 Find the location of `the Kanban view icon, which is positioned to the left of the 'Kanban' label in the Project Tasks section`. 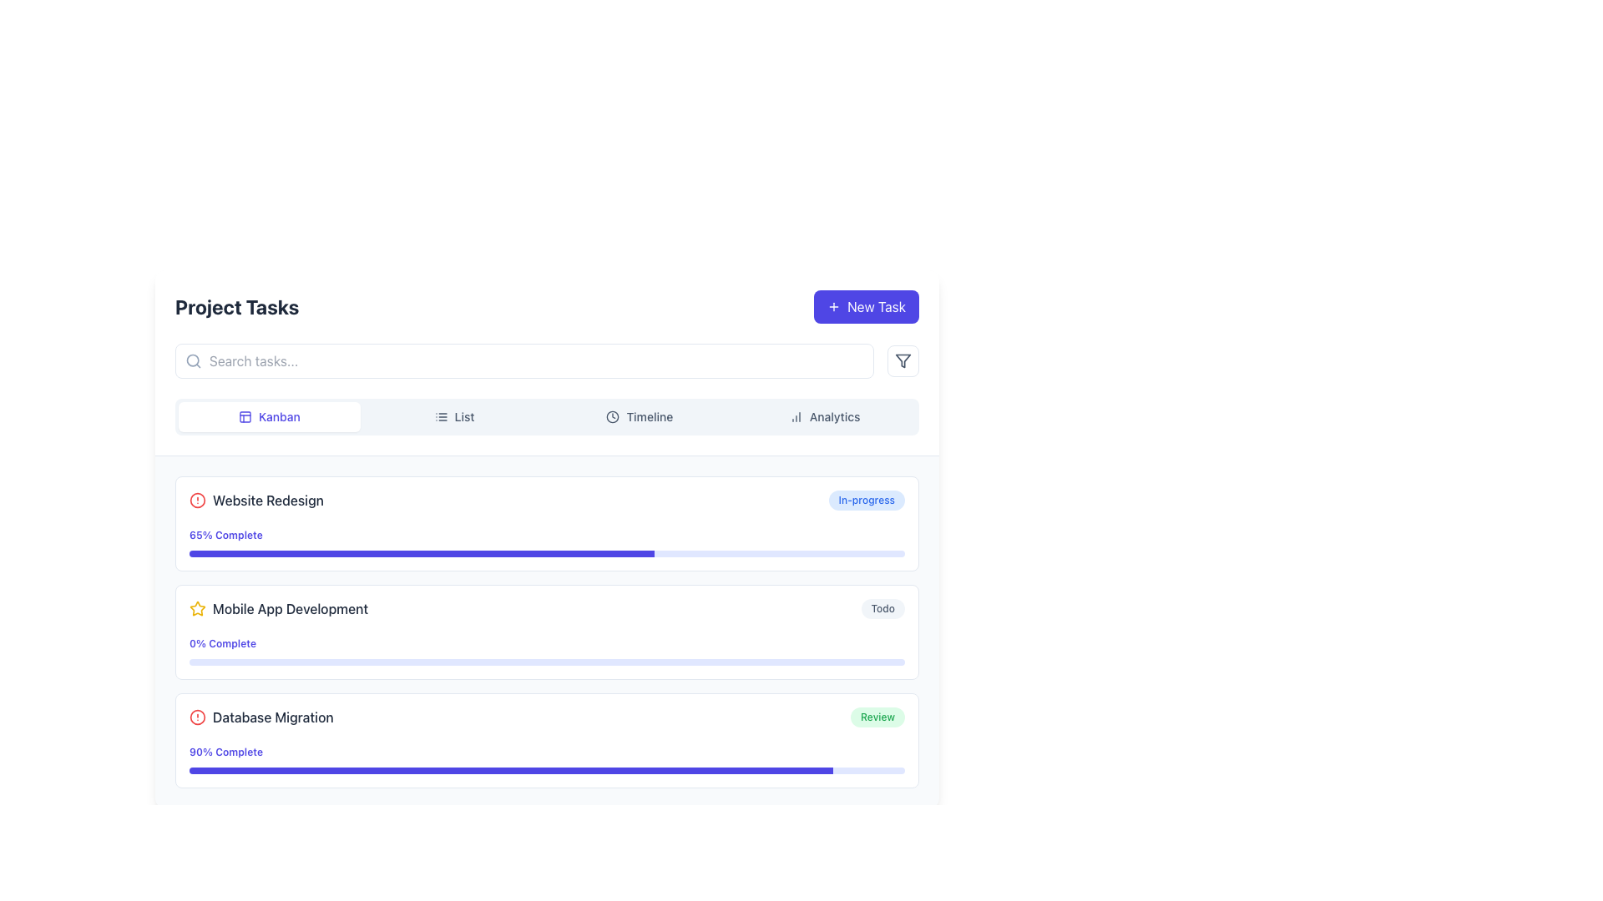

the Kanban view icon, which is positioned to the left of the 'Kanban' label in the Project Tasks section is located at coordinates (244, 416).